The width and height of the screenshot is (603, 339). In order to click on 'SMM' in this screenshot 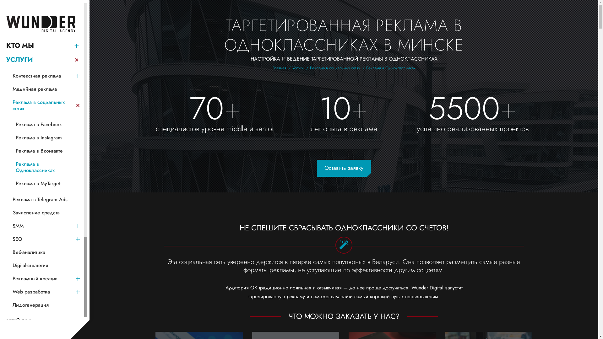, I will do `click(41, 226)`.